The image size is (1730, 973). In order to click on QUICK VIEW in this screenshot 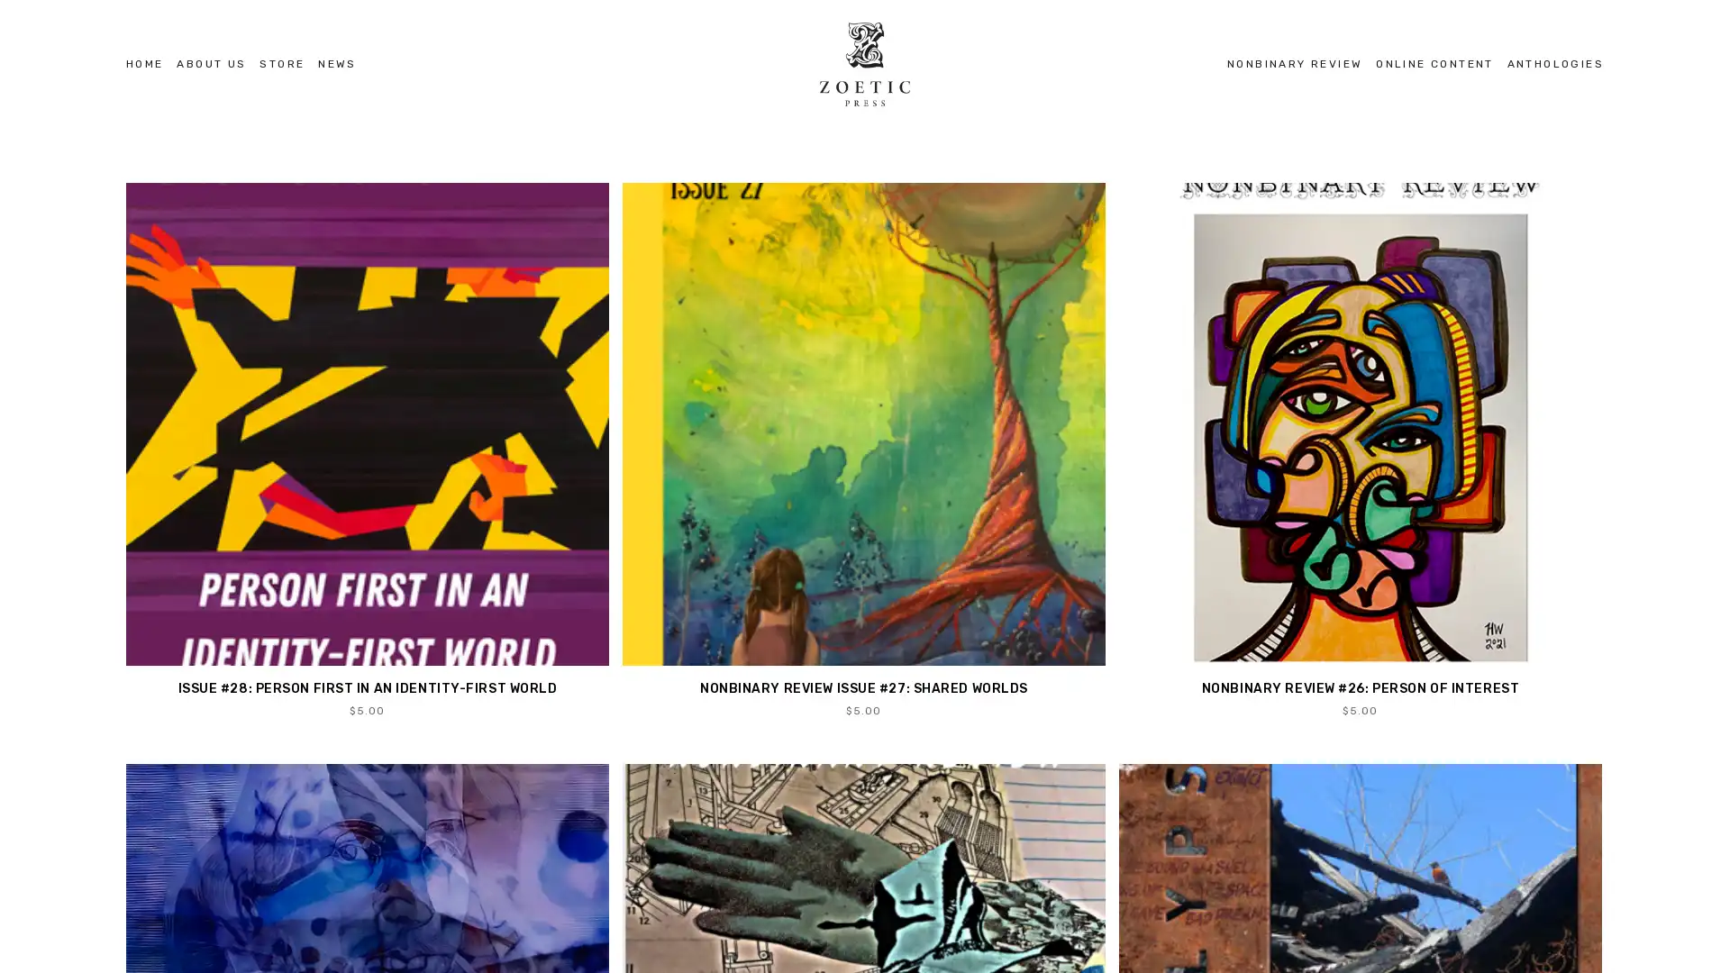, I will do `click(366, 450)`.